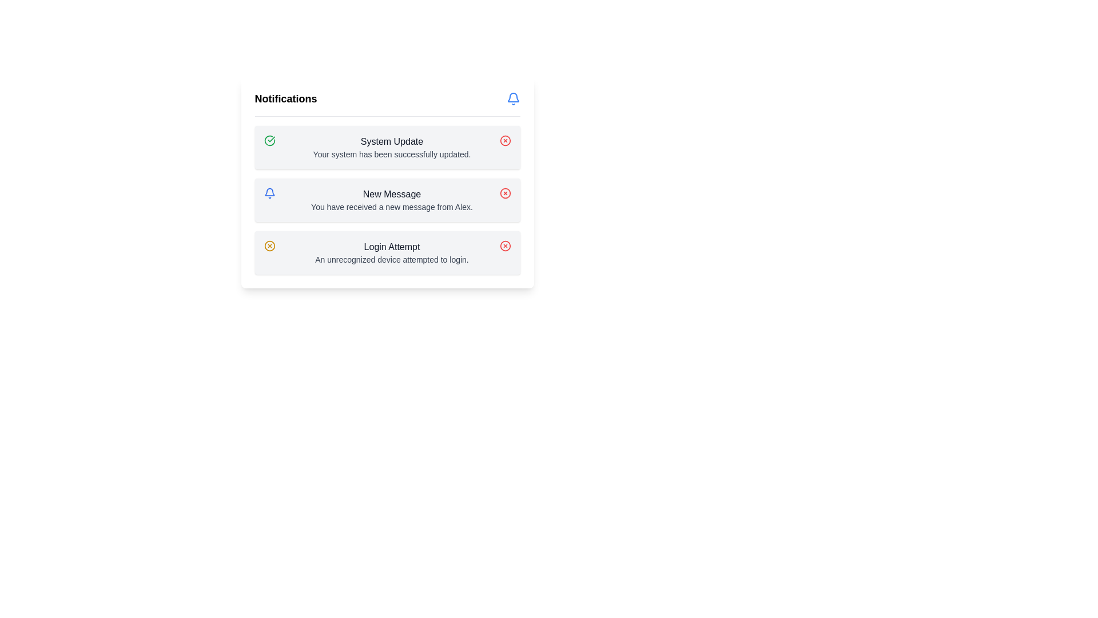 Image resolution: width=1098 pixels, height=618 pixels. Describe the element at coordinates (269, 193) in the screenshot. I see `the blue bell icon located at the top-right corner of the notification card titled 'New Message'` at that location.